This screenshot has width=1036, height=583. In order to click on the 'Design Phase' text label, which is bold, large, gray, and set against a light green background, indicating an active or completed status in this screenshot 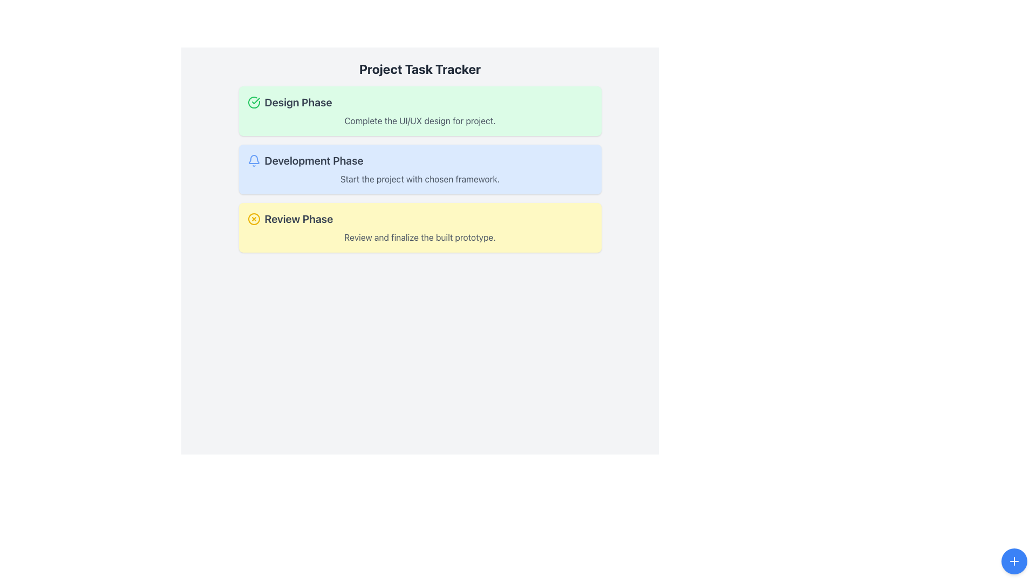, I will do `click(298, 102)`.